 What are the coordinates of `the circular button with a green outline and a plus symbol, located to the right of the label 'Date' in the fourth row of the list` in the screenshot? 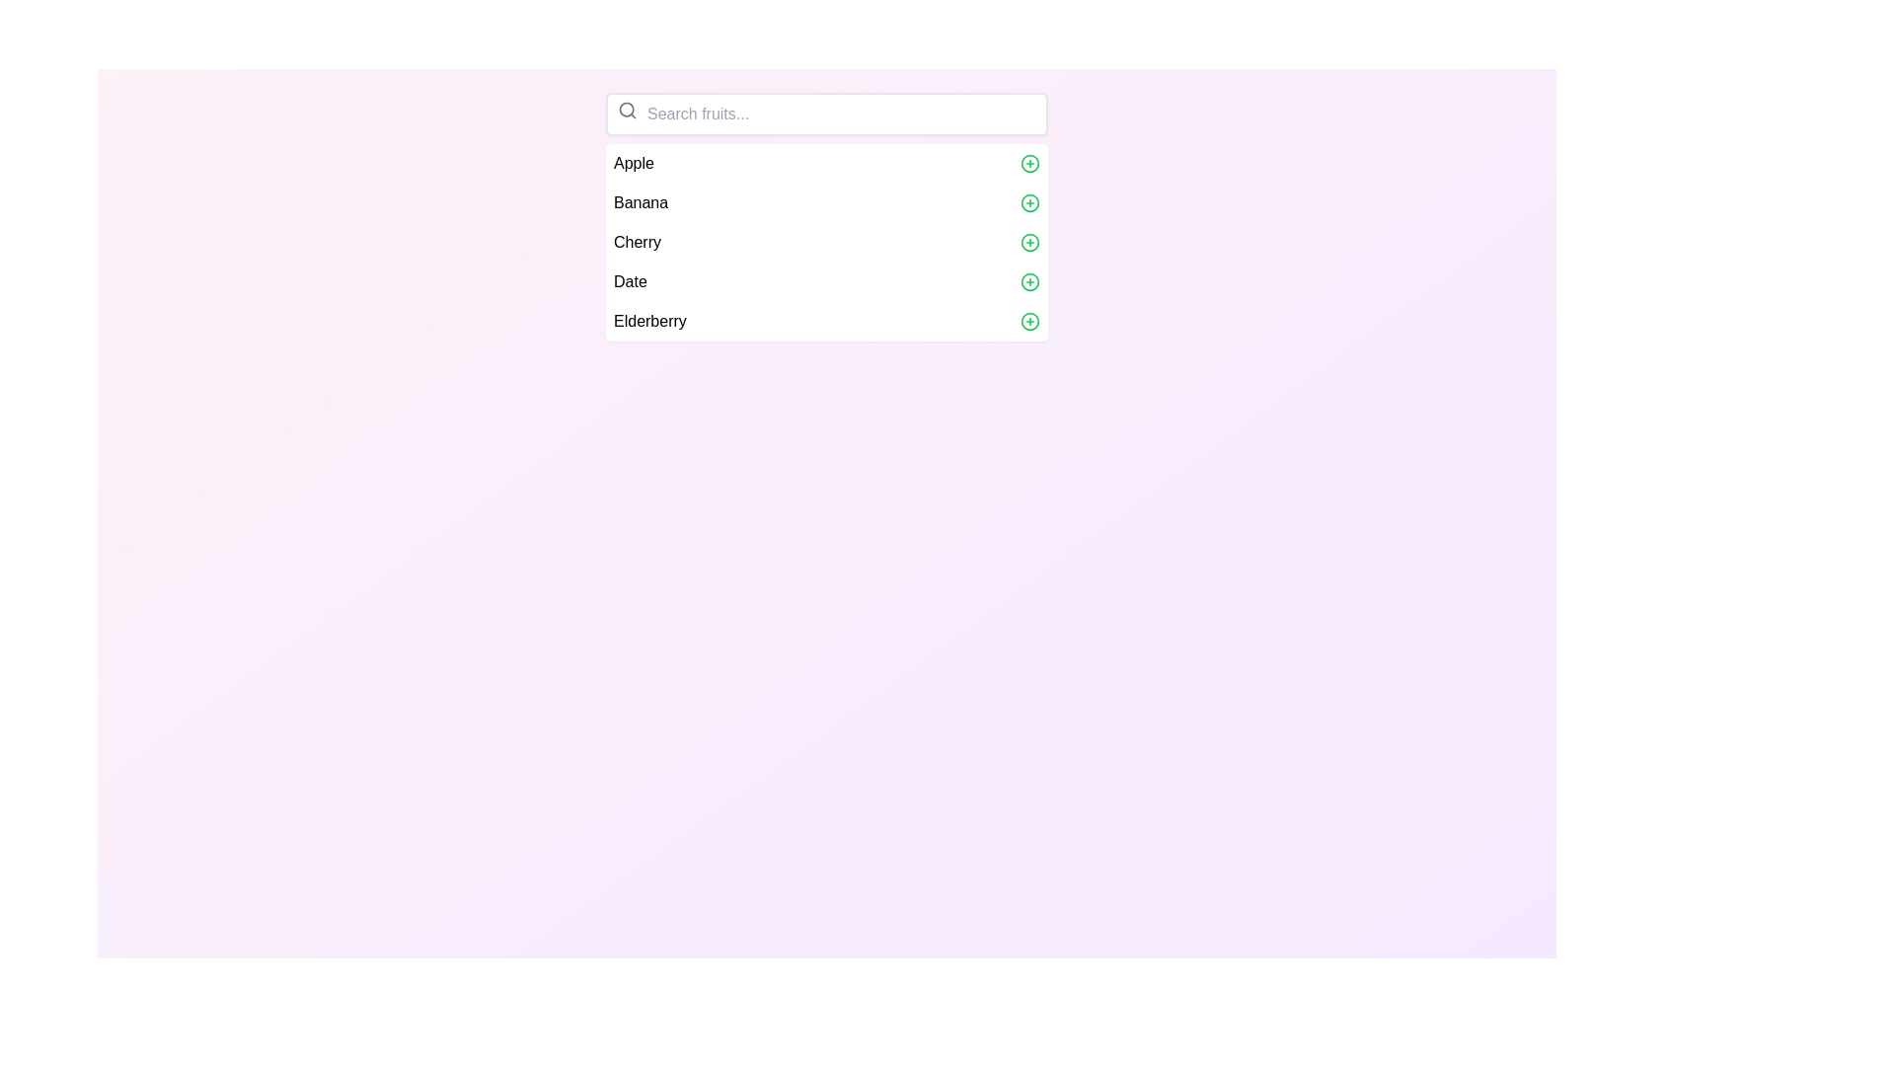 It's located at (1028, 281).